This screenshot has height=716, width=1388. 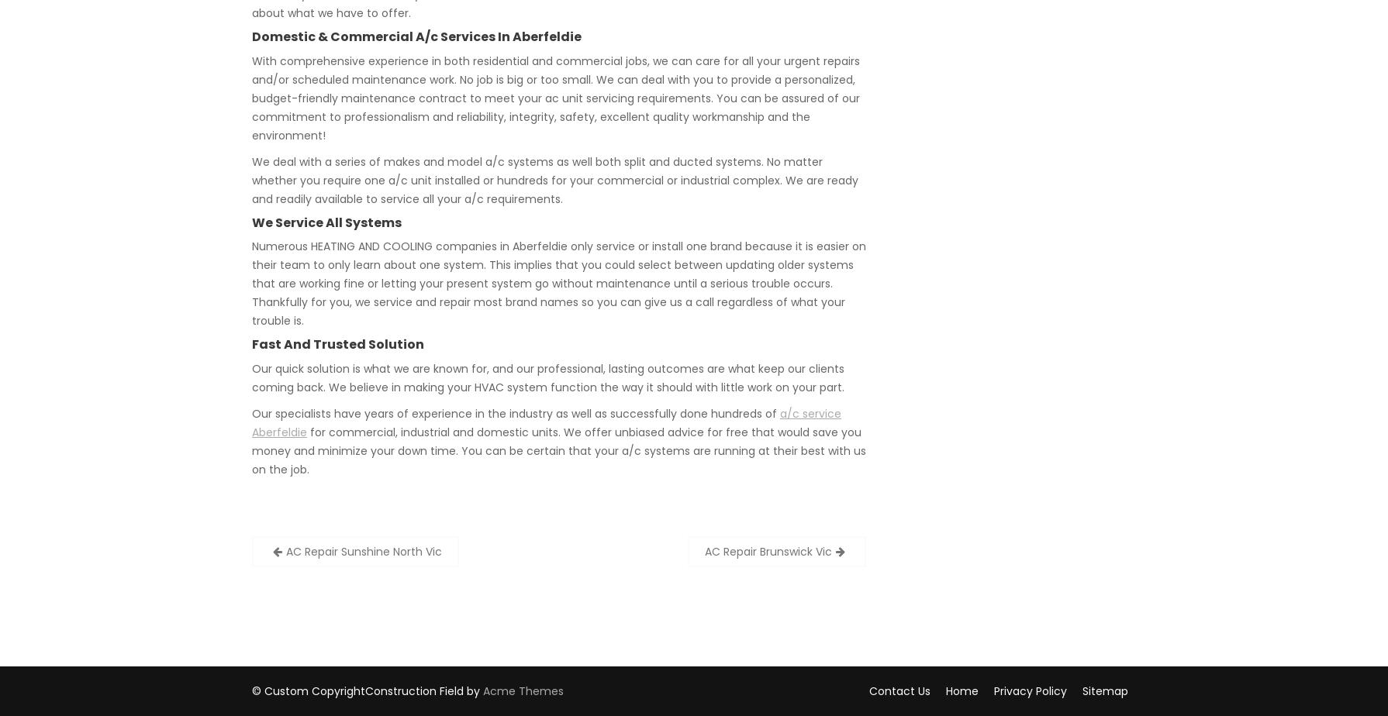 I want to click on 'Privacy Policy', so click(x=1031, y=690).